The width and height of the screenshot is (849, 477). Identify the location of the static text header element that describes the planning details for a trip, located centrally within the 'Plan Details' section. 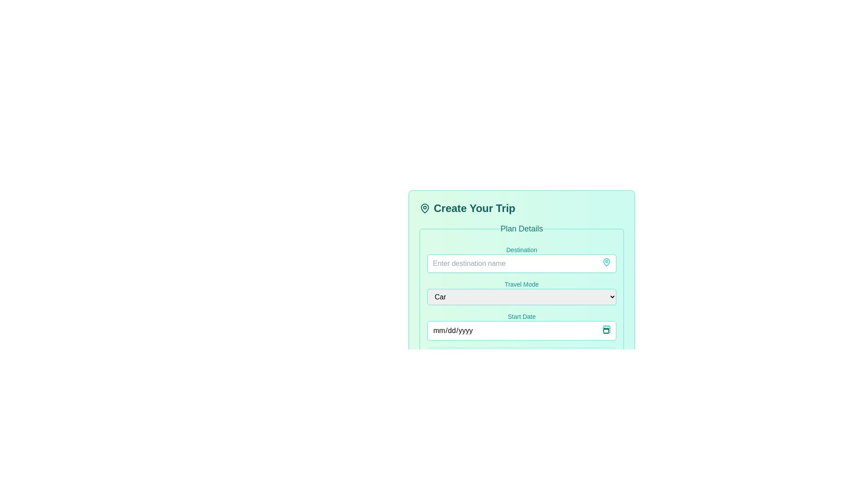
(522, 228).